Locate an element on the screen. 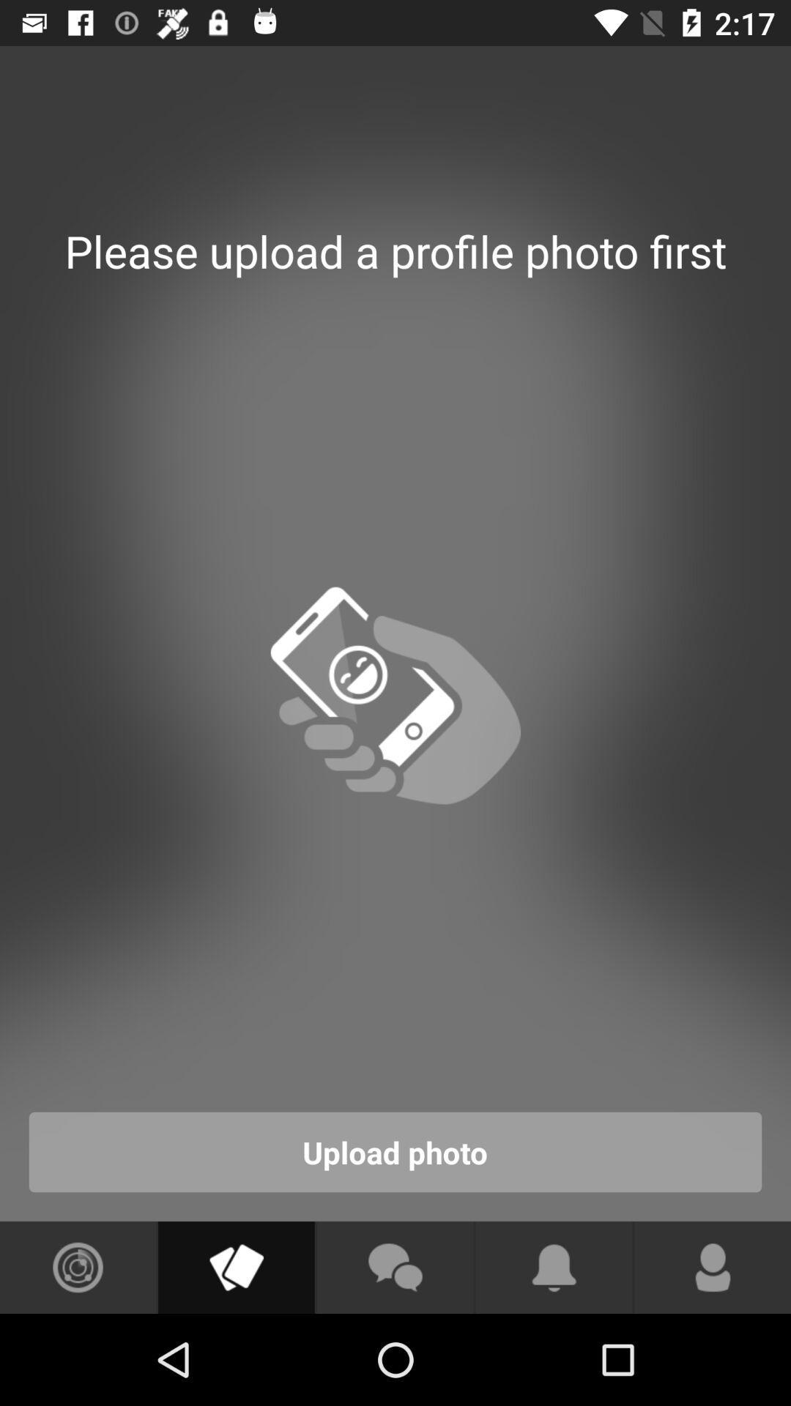 The width and height of the screenshot is (791, 1406). see photos is located at coordinates (78, 1267).